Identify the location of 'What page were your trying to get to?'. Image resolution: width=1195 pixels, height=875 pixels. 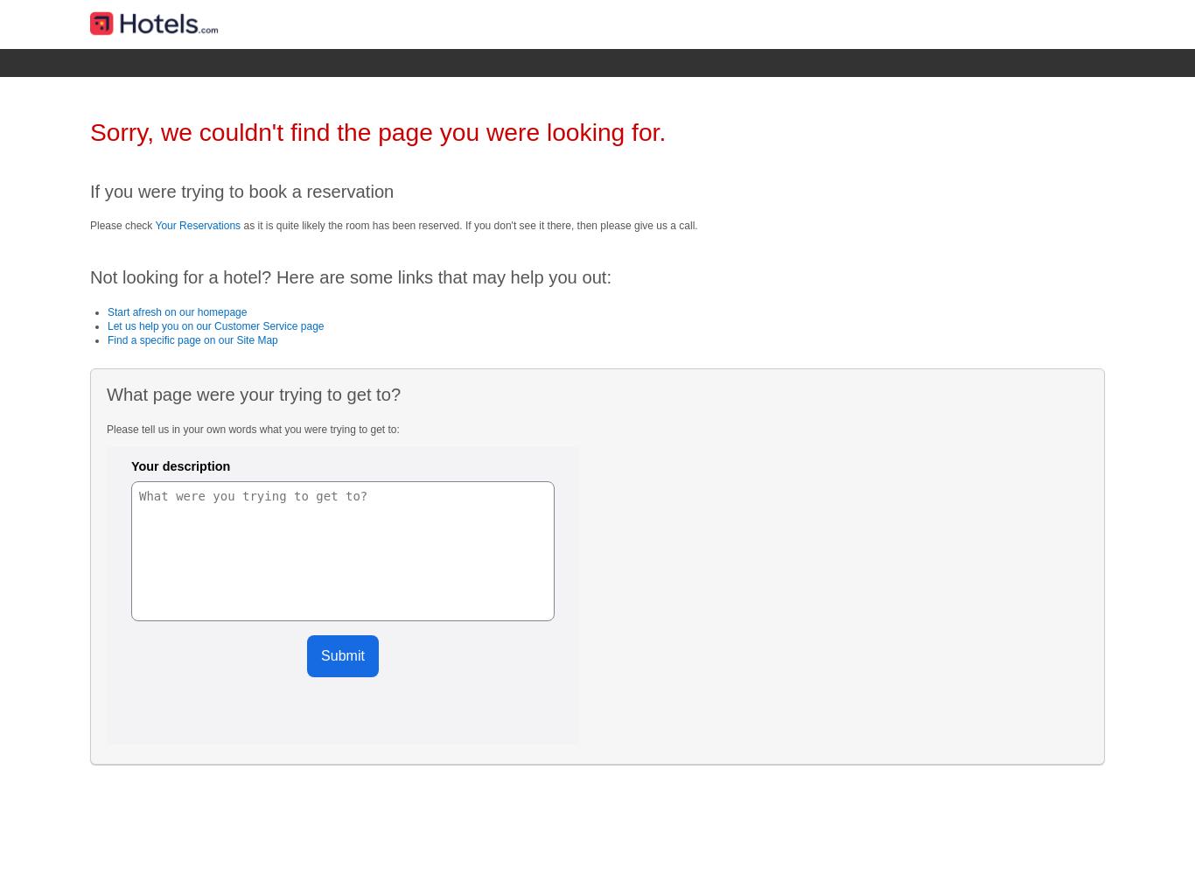
(105, 394).